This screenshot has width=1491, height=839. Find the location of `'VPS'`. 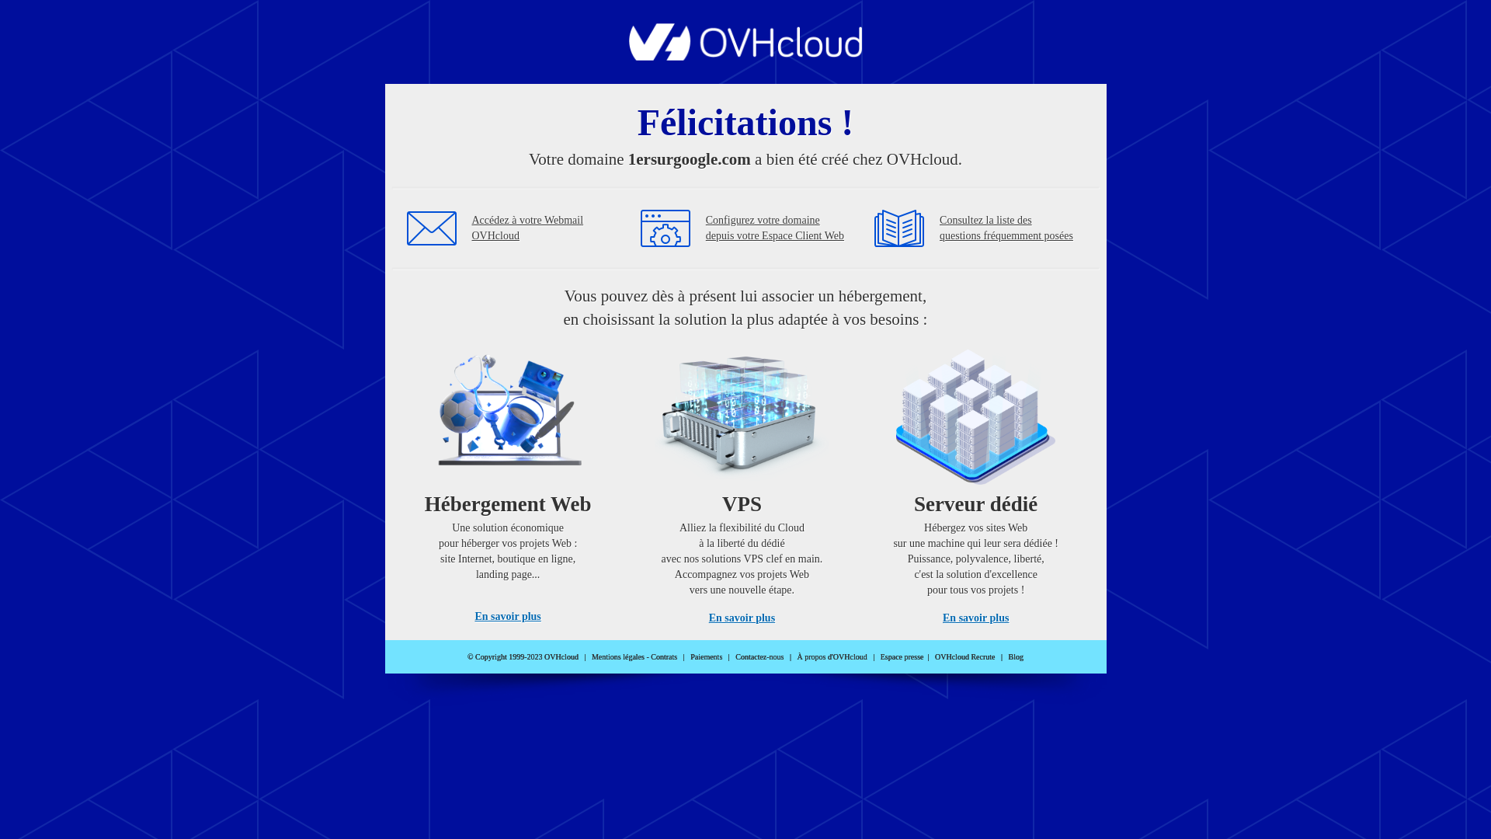

'VPS' is located at coordinates (741, 480).